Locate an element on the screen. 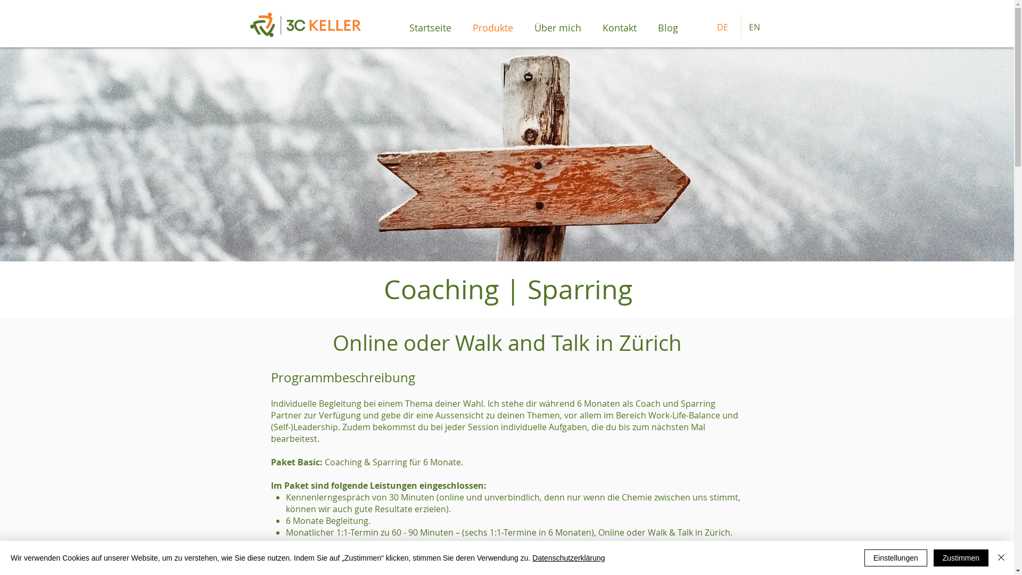 The height and width of the screenshot is (575, 1022). 'Startseite' is located at coordinates (430, 27).